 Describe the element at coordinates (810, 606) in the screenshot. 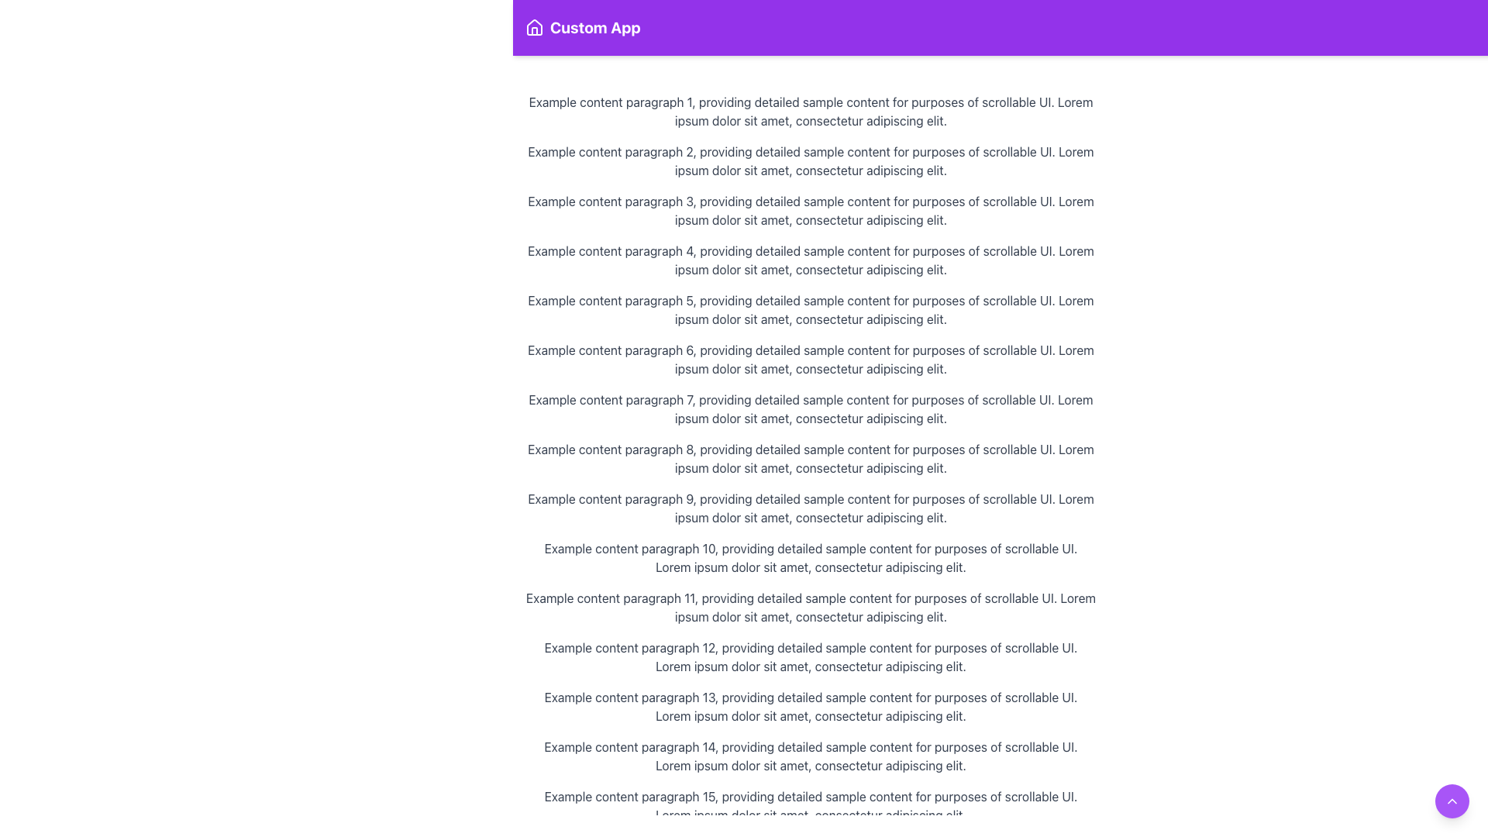

I see `the 11th paragraph within the vertically scrollable layout that displays sample content for demonstration purposes` at that location.